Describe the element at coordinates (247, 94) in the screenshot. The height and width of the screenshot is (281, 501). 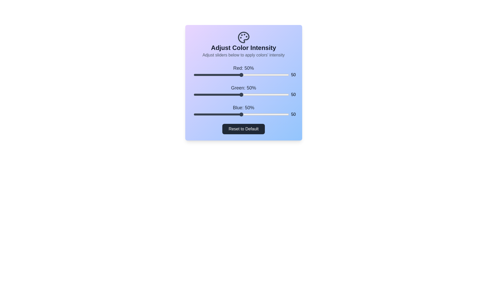
I see `the 1 slider to 56%` at that location.